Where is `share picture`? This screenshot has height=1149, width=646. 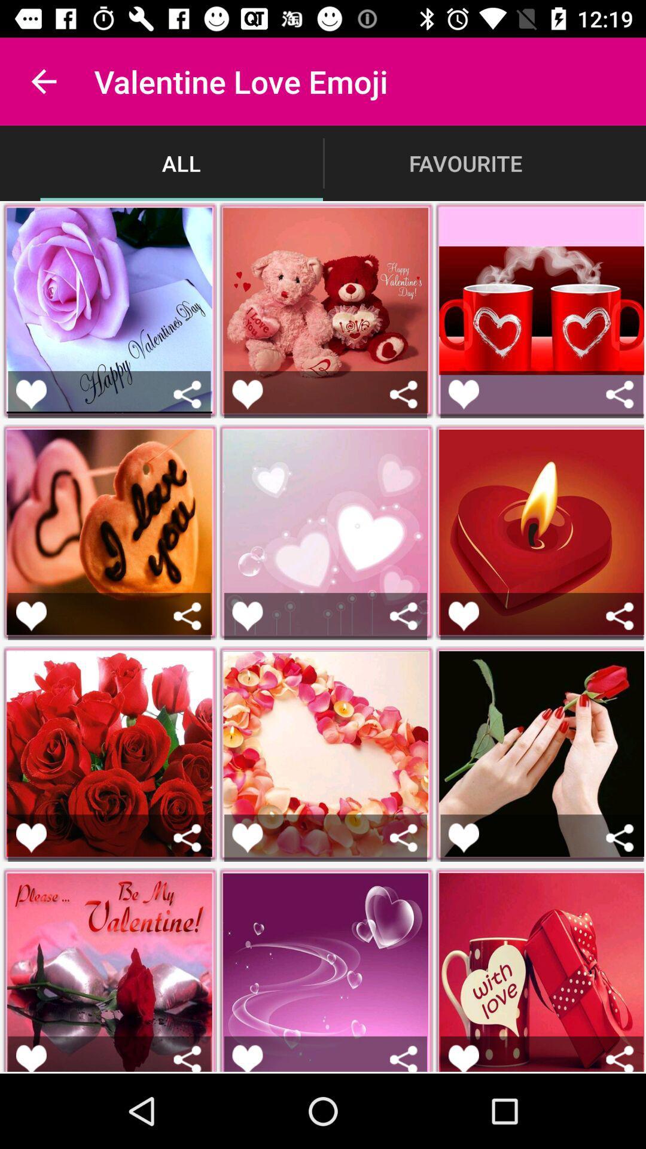 share picture is located at coordinates (404, 616).